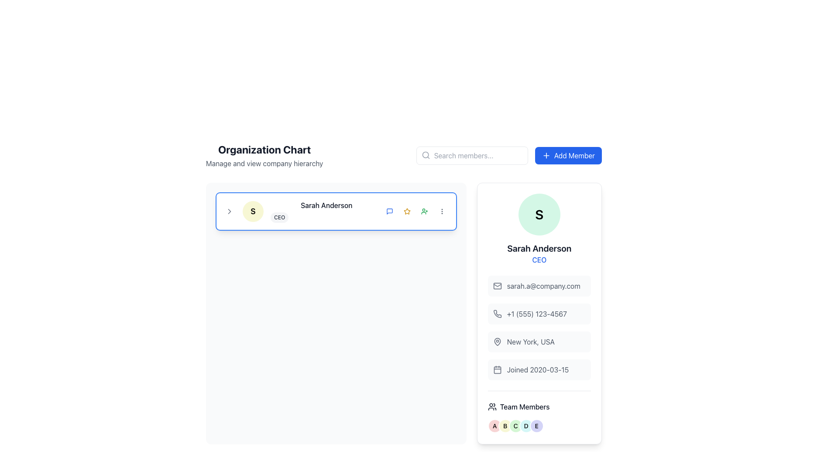  What do you see at coordinates (539, 407) in the screenshot?
I see `the Text with Icon Label that introduces the section displaying team members, located near the bottom of the rightmost panel, just above the row of circular icons labeled A, B, C, D, E` at bounding box center [539, 407].